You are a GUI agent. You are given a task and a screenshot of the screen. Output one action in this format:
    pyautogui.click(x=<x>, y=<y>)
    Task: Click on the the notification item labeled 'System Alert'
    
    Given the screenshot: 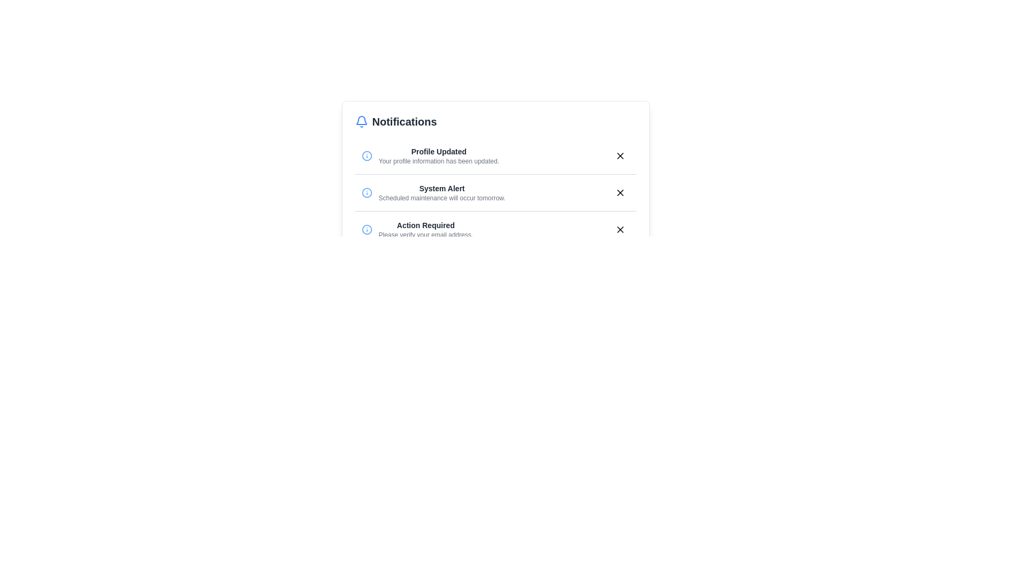 What is the action you would take?
    pyautogui.click(x=495, y=192)
    